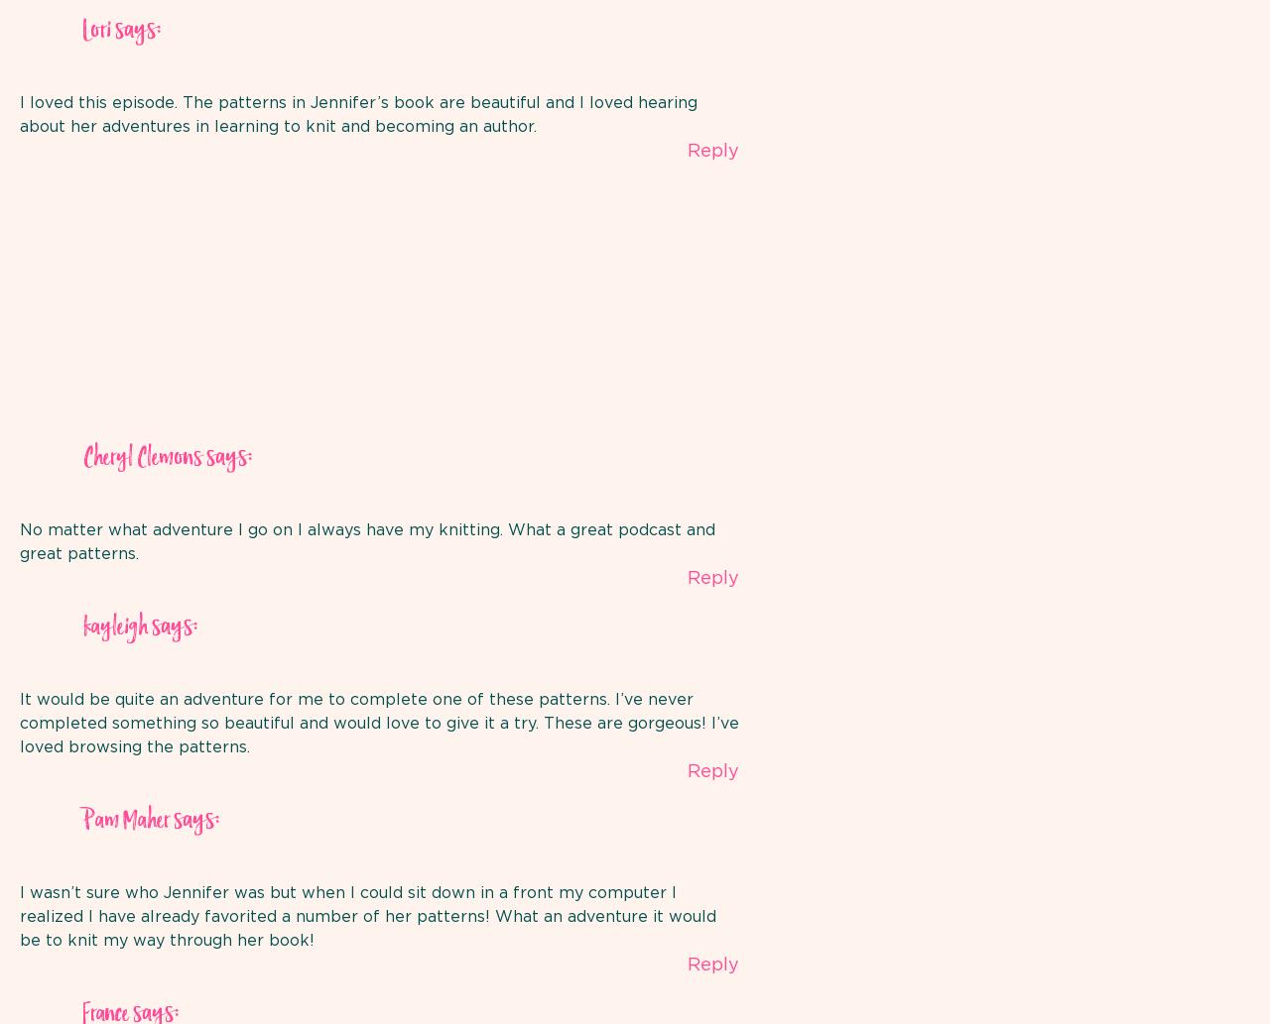  Describe the element at coordinates (367, 540) in the screenshot. I see `'No matter what adventure I go on I always have my knitting.  What a great podcast and great patterns.'` at that location.